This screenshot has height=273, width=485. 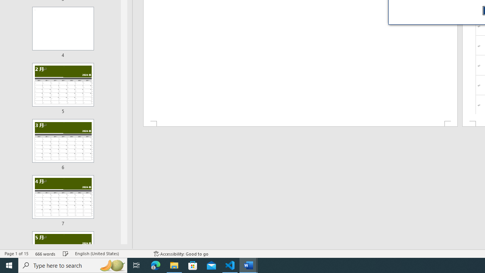 I want to click on 'Search highlights icon opens search home window', so click(x=111, y=265).